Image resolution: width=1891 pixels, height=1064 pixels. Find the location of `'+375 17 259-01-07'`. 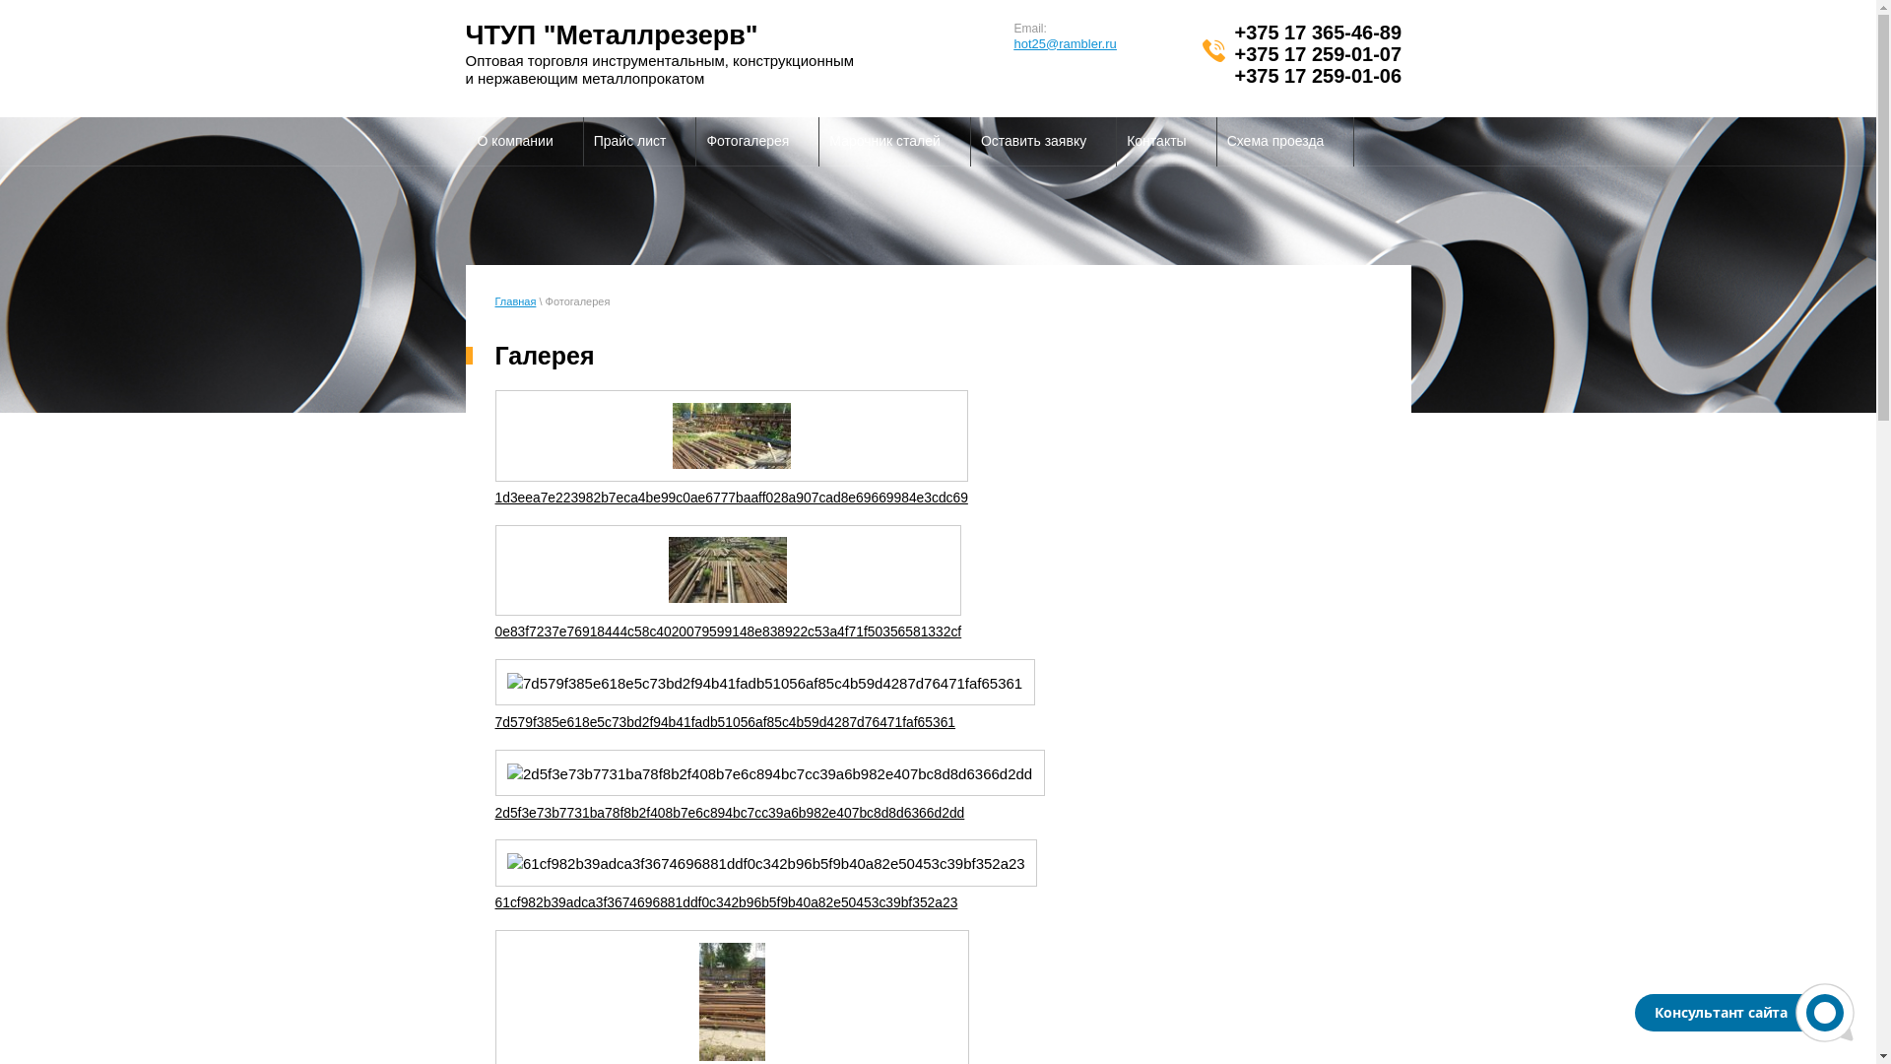

'+375 17 259-01-07' is located at coordinates (1319, 52).